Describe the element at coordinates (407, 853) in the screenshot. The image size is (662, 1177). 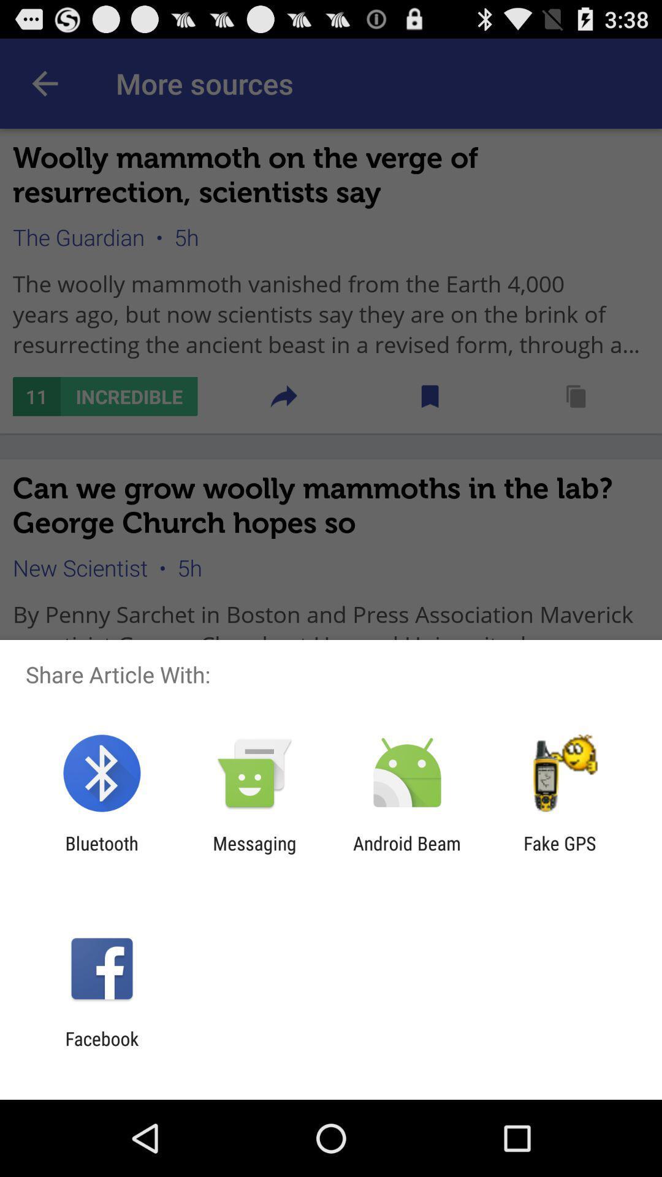
I see `item to the right of messaging item` at that location.